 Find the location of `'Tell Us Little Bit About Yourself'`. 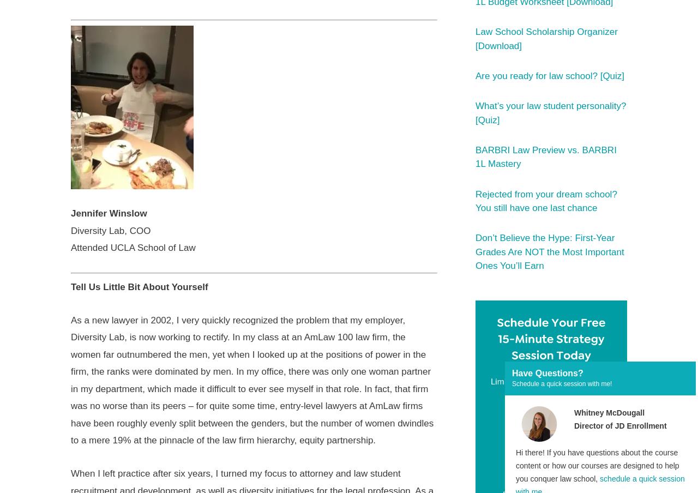

'Tell Us Little Bit About Yourself' is located at coordinates (139, 286).